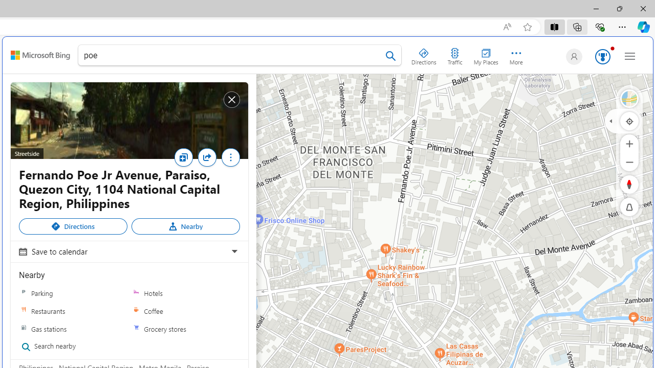 The height and width of the screenshot is (368, 655). I want to click on 'My Places', so click(485, 54).